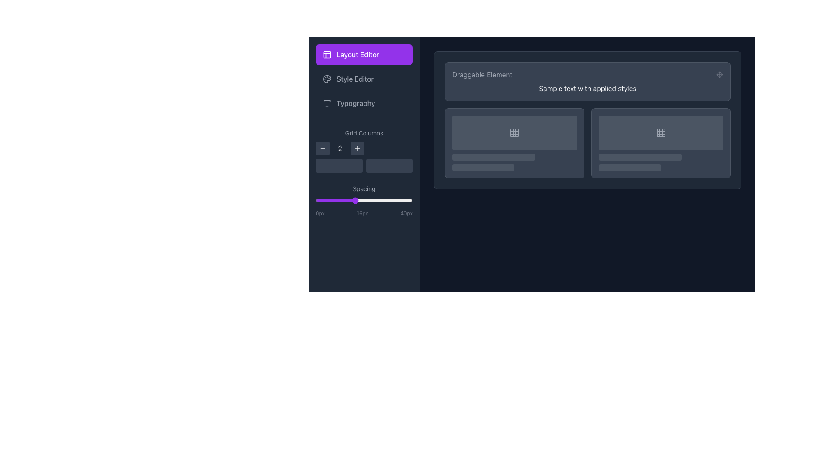  Describe the element at coordinates (357, 148) in the screenshot. I see `the button located to the right of the numerical input field labeled 'Grid Columns' to increase the grid column count` at that location.